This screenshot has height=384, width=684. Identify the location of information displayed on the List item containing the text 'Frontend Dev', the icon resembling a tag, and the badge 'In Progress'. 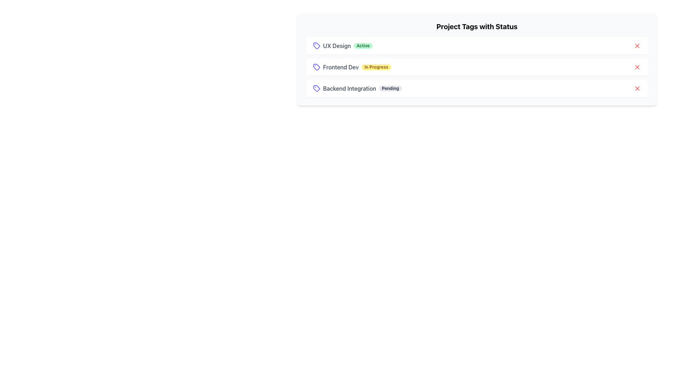
(352, 67).